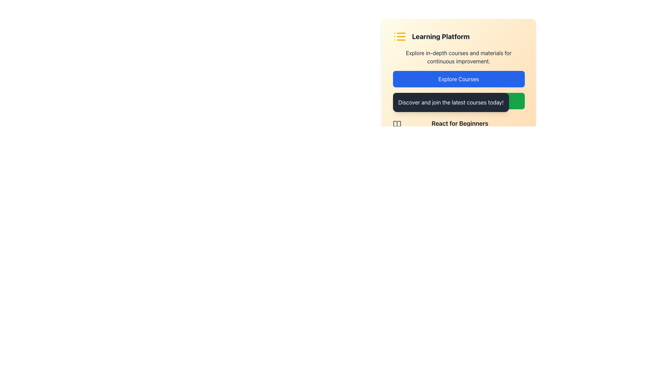  I want to click on the yellow list icon, which consists of three horizontal lines and is positioned to the left of the 'Learning Platform' text, so click(400, 37).